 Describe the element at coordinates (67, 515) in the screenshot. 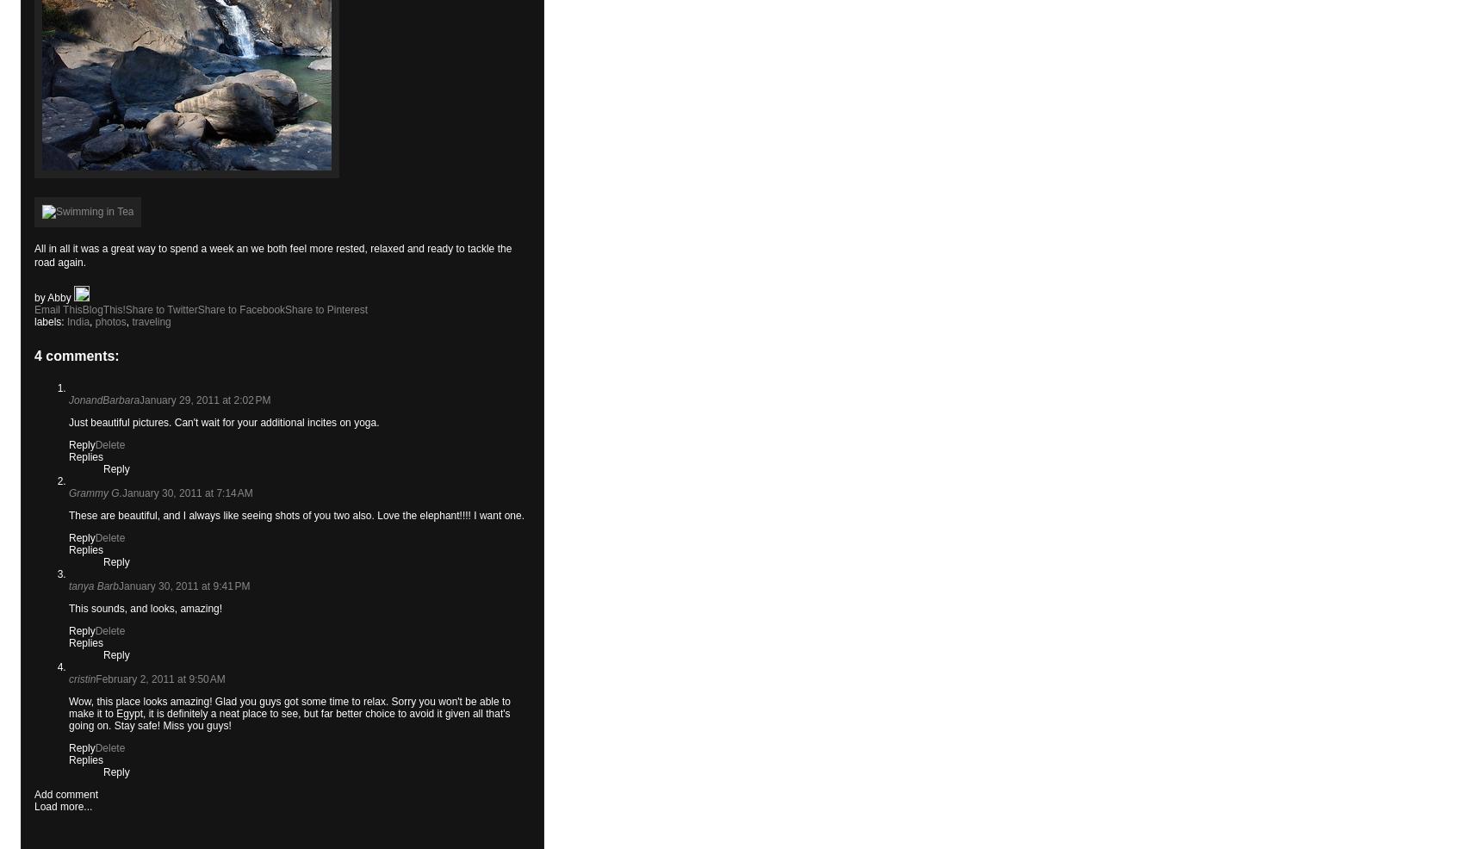

I see `'These are beautiful, and I always like seeing shots of you two also.  Love the elephant!!!!  I want one.'` at that location.